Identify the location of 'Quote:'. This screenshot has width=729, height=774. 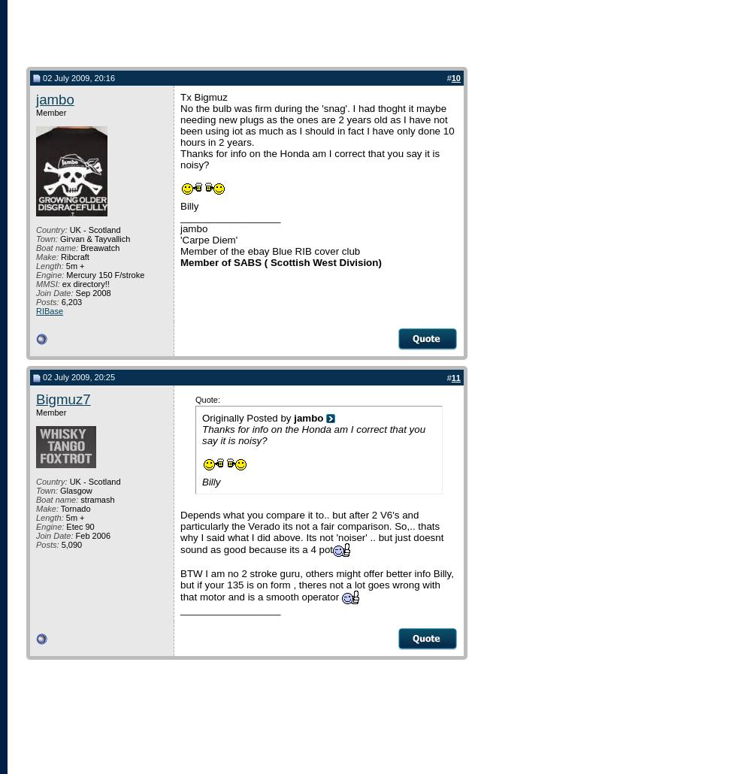
(207, 398).